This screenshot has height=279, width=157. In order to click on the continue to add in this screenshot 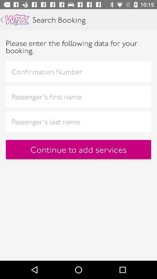, I will do `click(78, 149)`.